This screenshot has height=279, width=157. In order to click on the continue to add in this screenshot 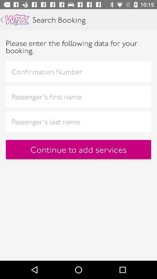, I will do `click(78, 149)`.